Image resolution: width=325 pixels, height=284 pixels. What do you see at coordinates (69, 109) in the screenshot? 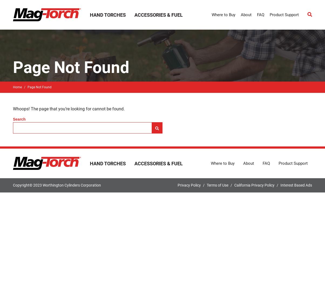
I see `'Whoops! The page that you’re looking for cannot be found.'` at bounding box center [69, 109].